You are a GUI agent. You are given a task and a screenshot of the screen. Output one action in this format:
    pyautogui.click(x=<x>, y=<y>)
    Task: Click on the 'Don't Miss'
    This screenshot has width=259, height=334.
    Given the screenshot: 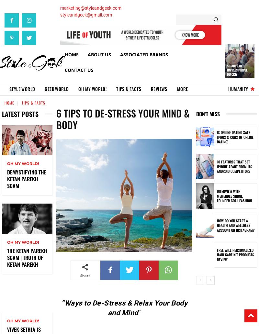 What is the action you would take?
    pyautogui.click(x=208, y=113)
    